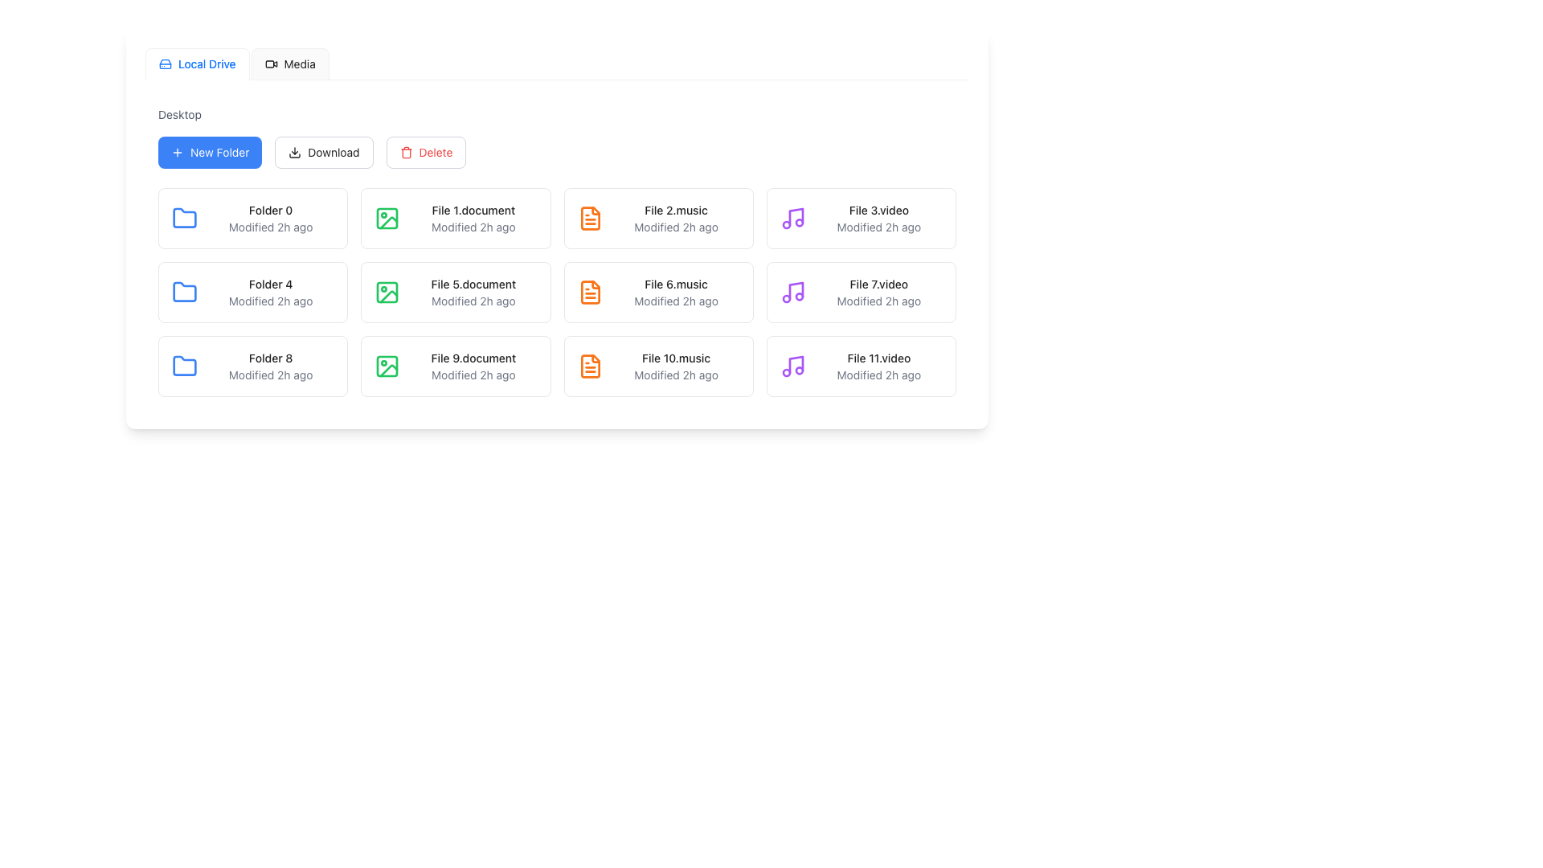 The width and height of the screenshot is (1543, 868). Describe the element at coordinates (473, 219) in the screenshot. I see `the text label displaying 'File 1.document' which is located in the second column of the first row in the document listing interface` at that location.